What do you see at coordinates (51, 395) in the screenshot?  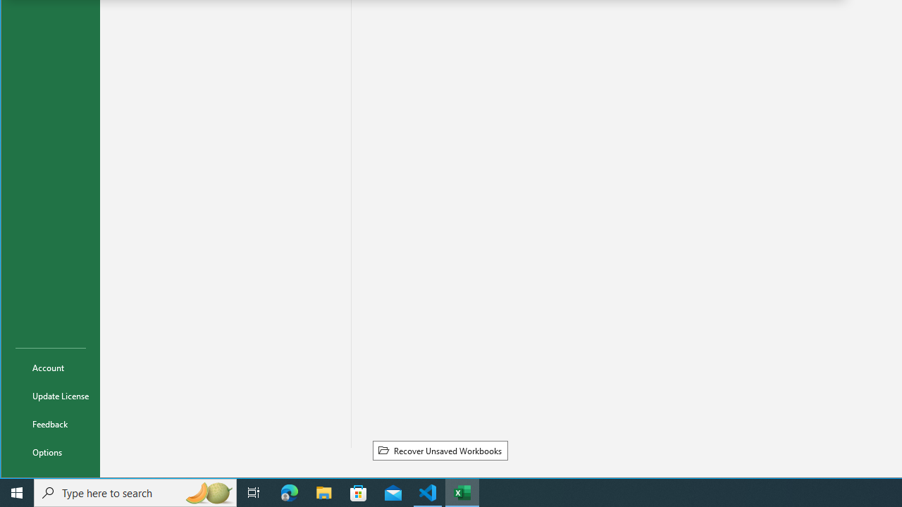 I see `'Update License'` at bounding box center [51, 395].